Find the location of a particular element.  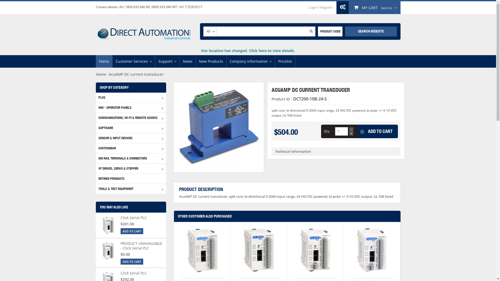

'TOOLS & TEST EQUIPMENT' is located at coordinates (131, 189).